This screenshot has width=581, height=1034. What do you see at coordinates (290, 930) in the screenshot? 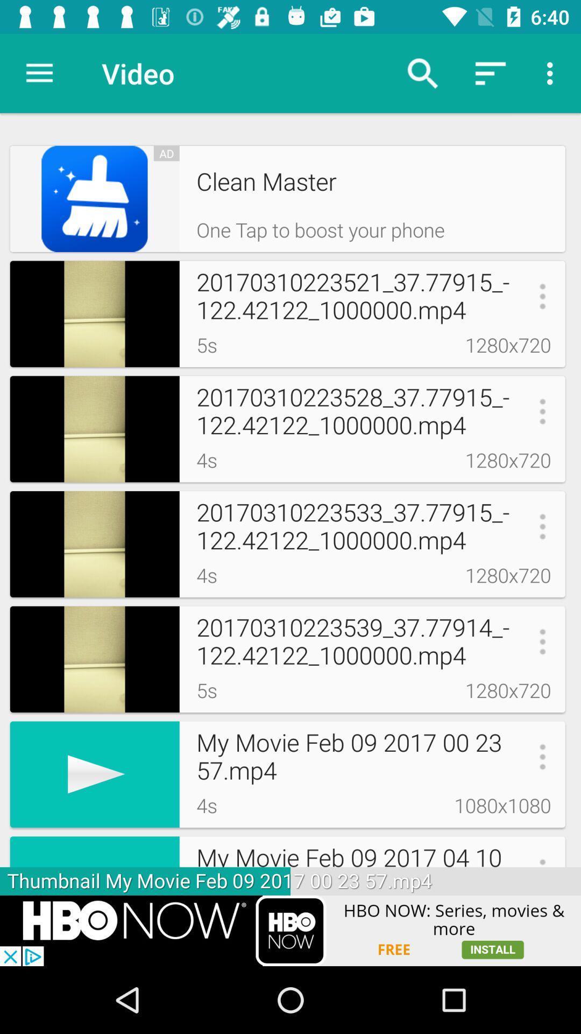
I see `advertisements image` at bounding box center [290, 930].